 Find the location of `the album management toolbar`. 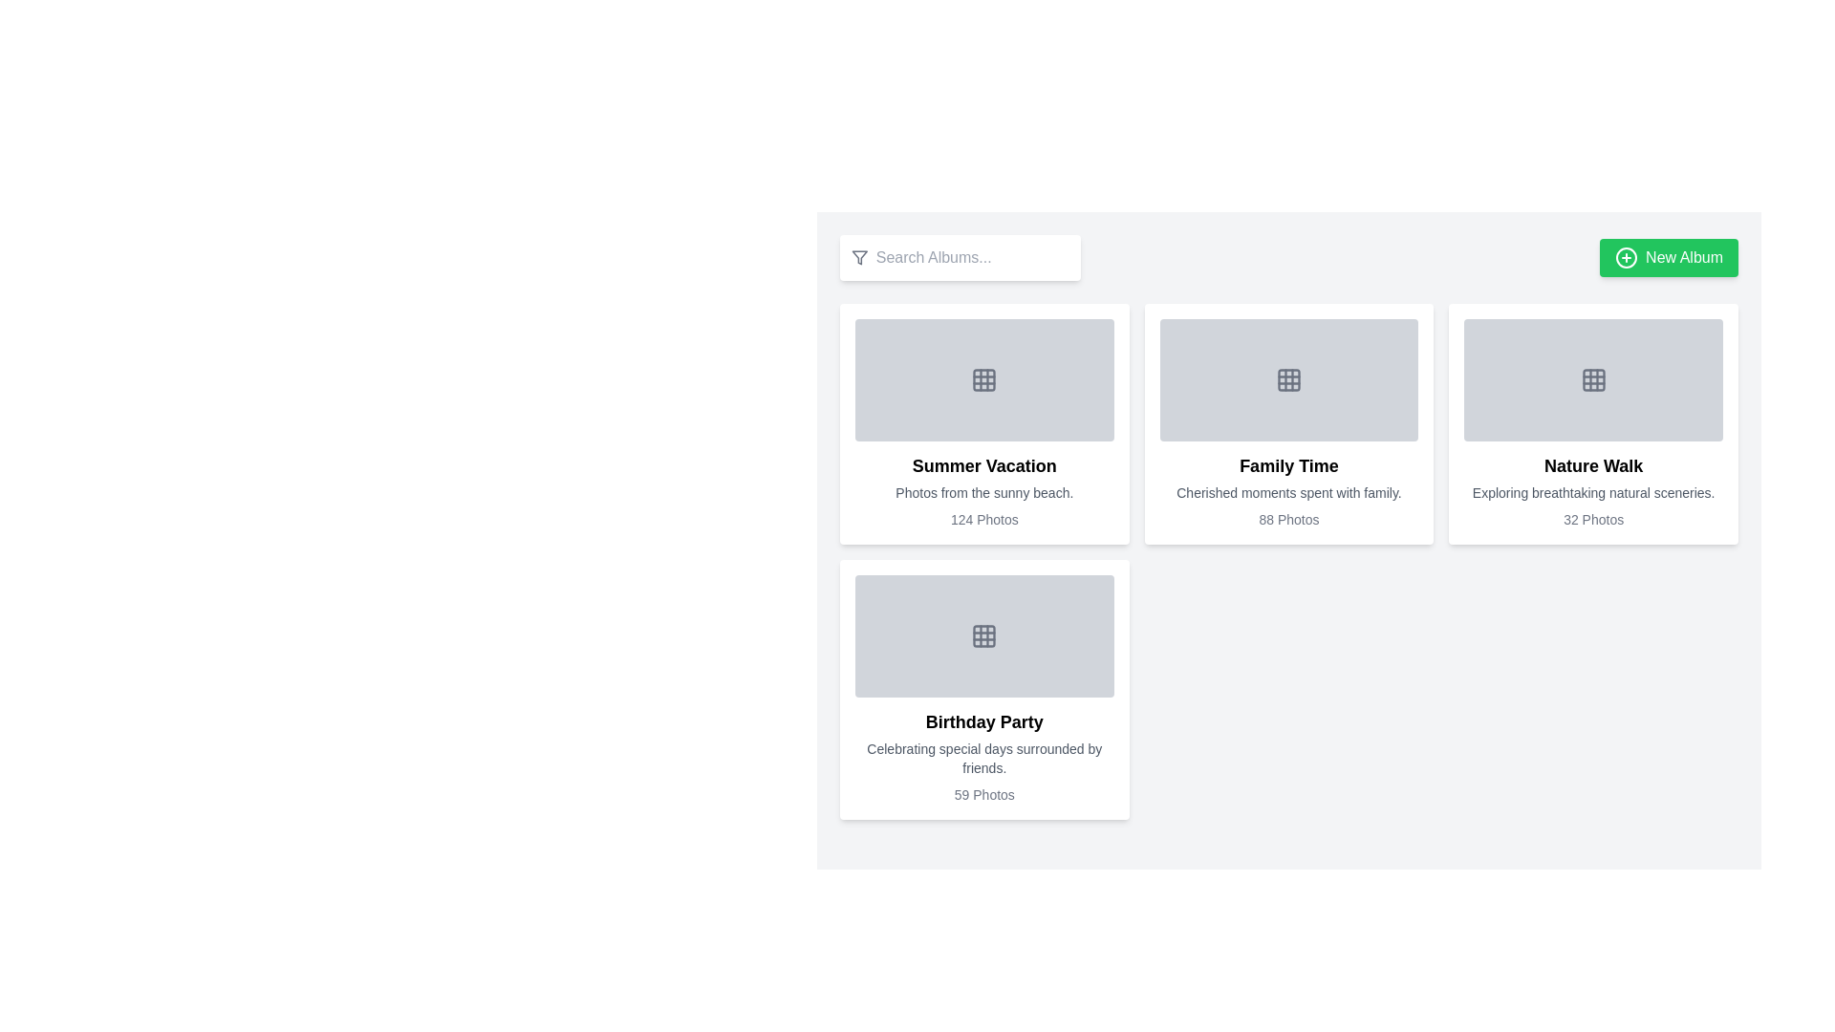

the album management toolbar is located at coordinates (1288, 258).